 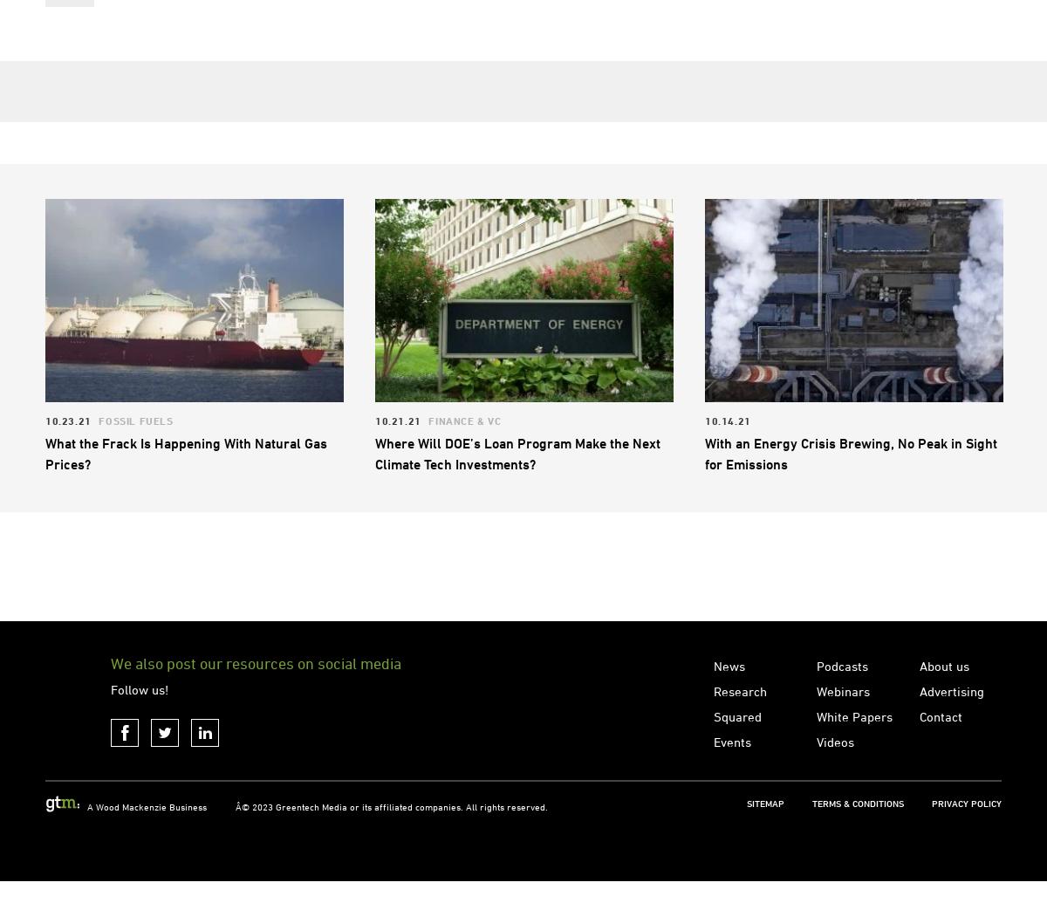 I want to click on 'About us', so click(x=943, y=738).